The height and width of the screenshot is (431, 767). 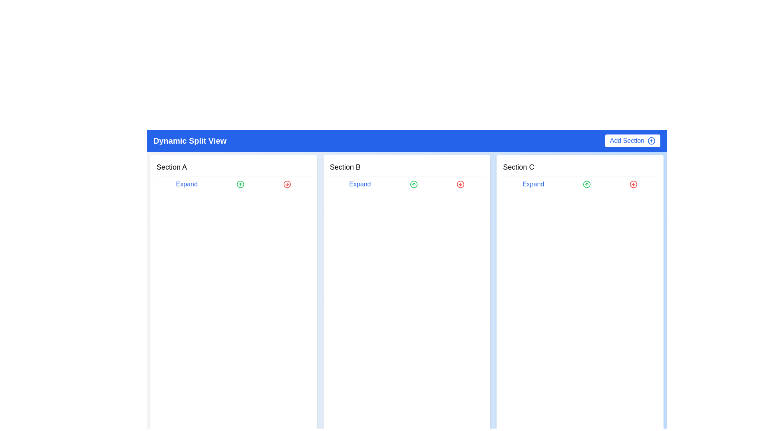 What do you see at coordinates (587, 184) in the screenshot?
I see `the green circular icon with an upward arrow located in 'Section C', near the top and horizontally centered in its column, adjacent to a red circular icon and next to an 'Expand' label` at bounding box center [587, 184].